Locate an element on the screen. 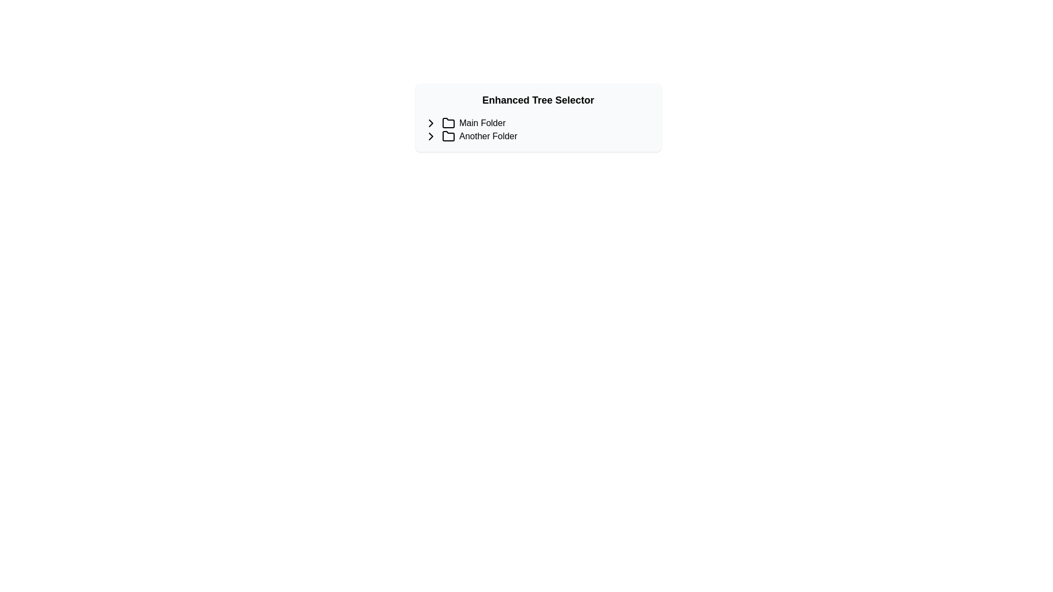 Image resolution: width=1053 pixels, height=592 pixels. the 'Main Folder' entry is located at coordinates (538, 123).